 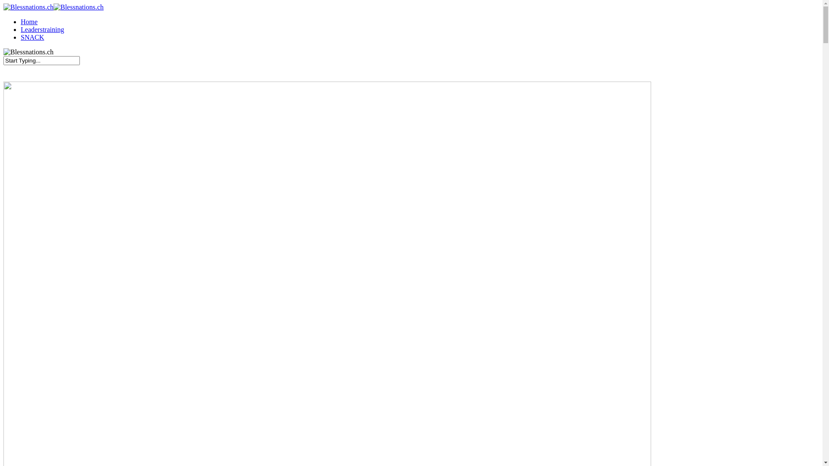 I want to click on 'Home', so click(x=29, y=21).